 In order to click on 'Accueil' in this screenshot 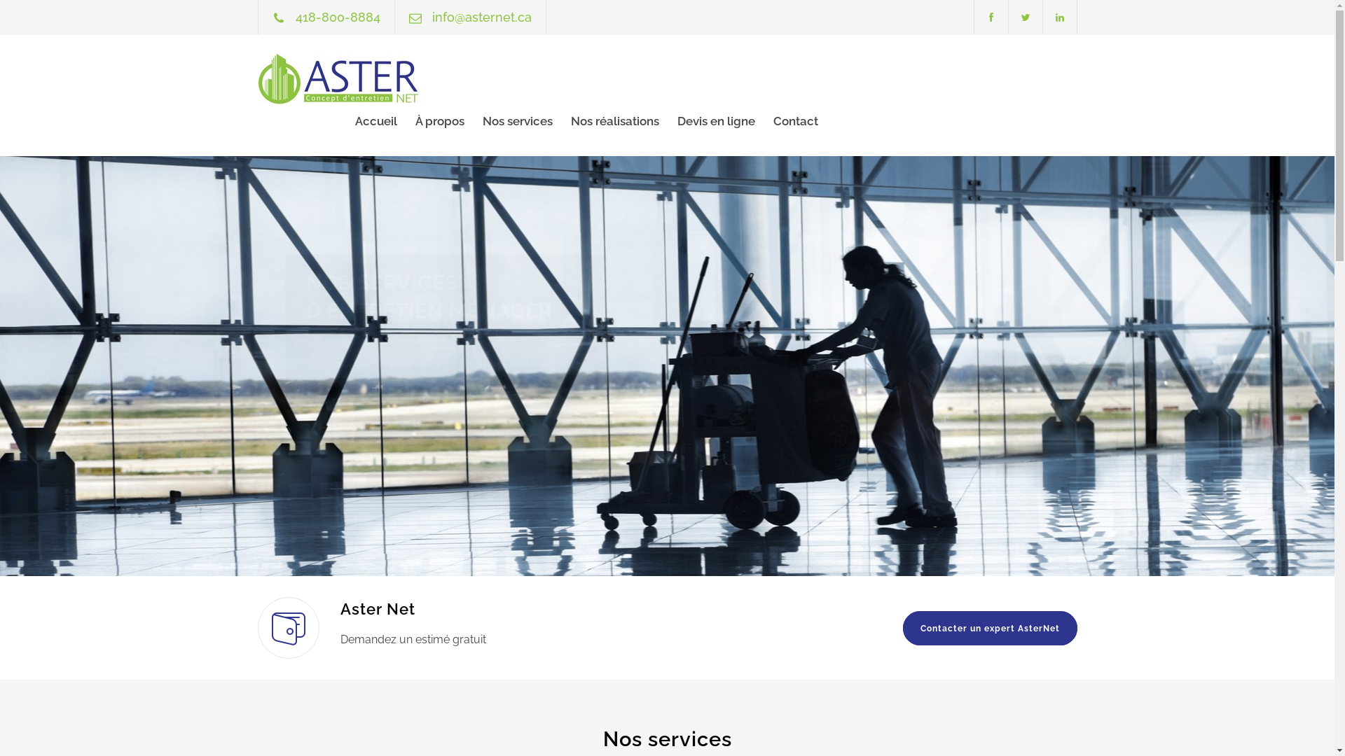, I will do `click(354, 120)`.